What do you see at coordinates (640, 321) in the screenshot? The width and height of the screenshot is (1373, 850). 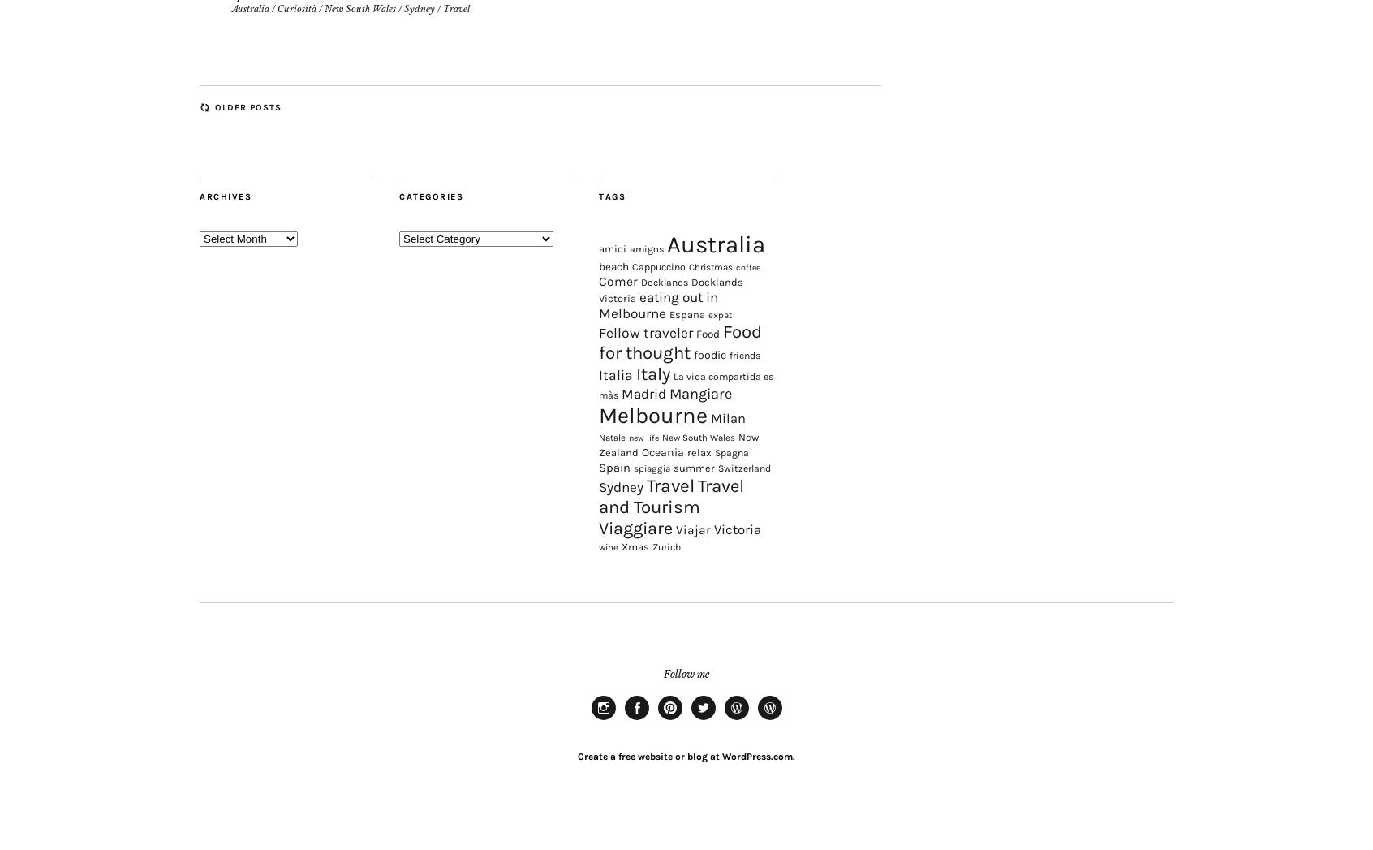 I see `'Docklands'` at bounding box center [640, 321].